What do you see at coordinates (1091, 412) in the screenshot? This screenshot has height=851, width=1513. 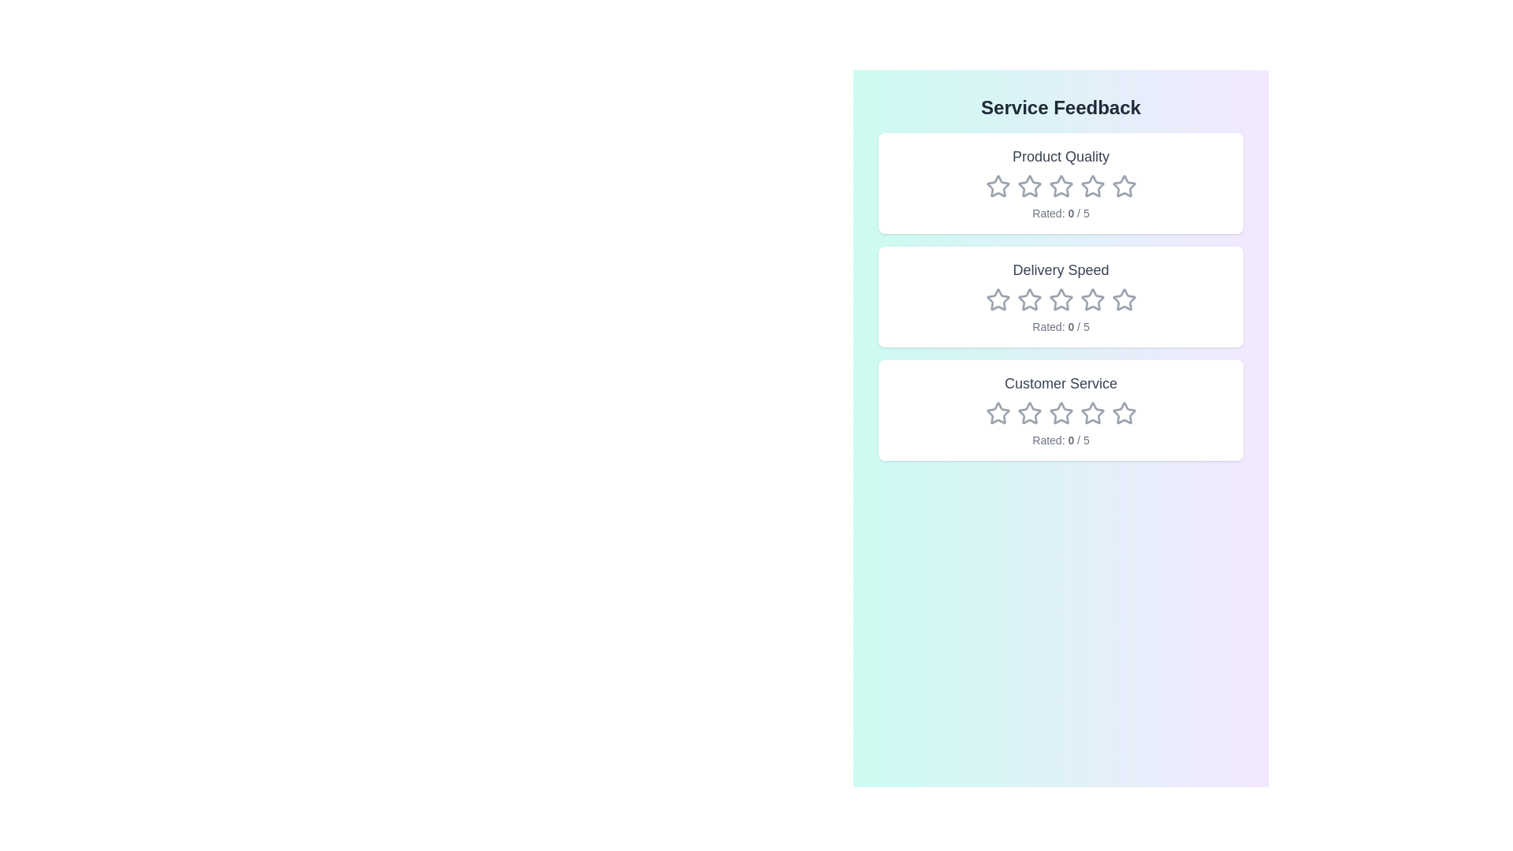 I see `the rating for the category Customer Service to 4 stars` at bounding box center [1091, 412].